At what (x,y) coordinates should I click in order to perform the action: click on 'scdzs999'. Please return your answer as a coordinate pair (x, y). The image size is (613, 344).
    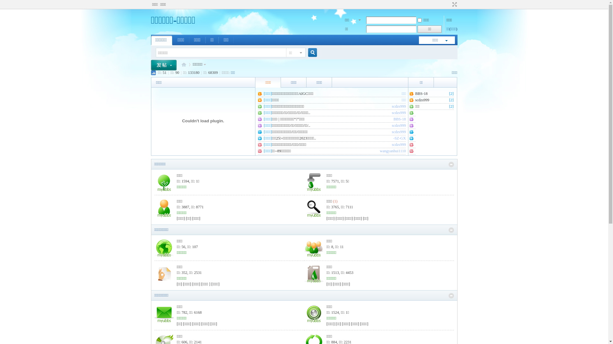
    Looking at the image, I should click on (398, 112).